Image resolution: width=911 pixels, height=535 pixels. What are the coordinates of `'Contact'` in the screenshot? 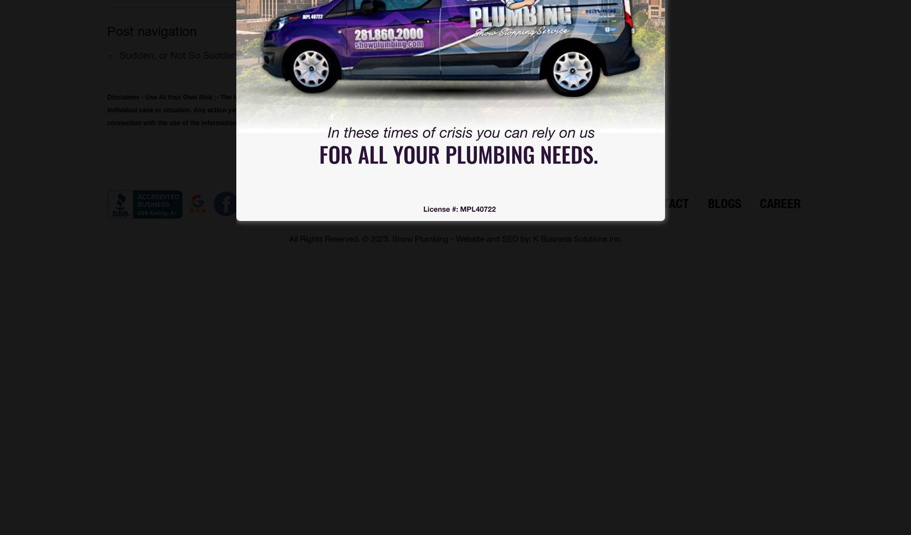 It's located at (664, 203).